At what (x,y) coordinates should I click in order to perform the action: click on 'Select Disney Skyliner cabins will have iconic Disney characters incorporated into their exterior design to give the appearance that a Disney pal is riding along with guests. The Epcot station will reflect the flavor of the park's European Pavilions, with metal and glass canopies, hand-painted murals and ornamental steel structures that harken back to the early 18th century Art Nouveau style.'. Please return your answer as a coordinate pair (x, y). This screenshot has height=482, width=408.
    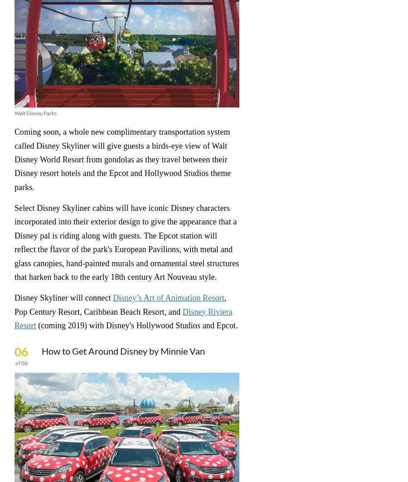
    Looking at the image, I should click on (126, 242).